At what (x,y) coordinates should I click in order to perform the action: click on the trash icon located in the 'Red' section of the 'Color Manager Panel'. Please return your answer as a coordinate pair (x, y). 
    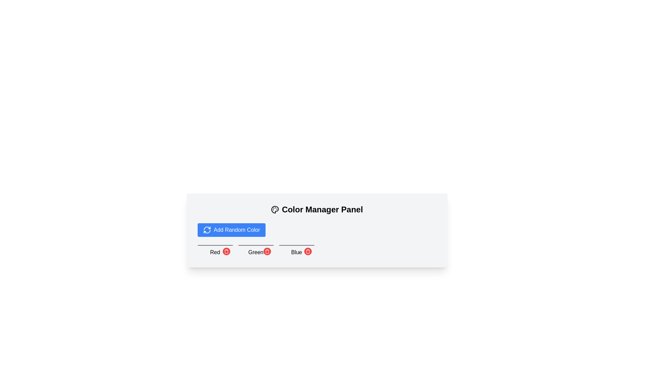
    Looking at the image, I should click on (316, 230).